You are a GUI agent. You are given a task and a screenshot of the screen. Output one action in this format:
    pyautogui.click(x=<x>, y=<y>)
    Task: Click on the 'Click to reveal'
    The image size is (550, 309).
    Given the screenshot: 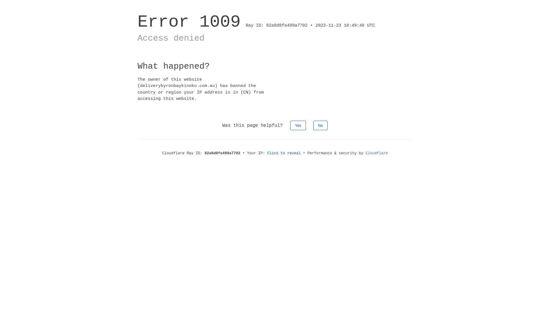 What is the action you would take?
    pyautogui.click(x=267, y=153)
    